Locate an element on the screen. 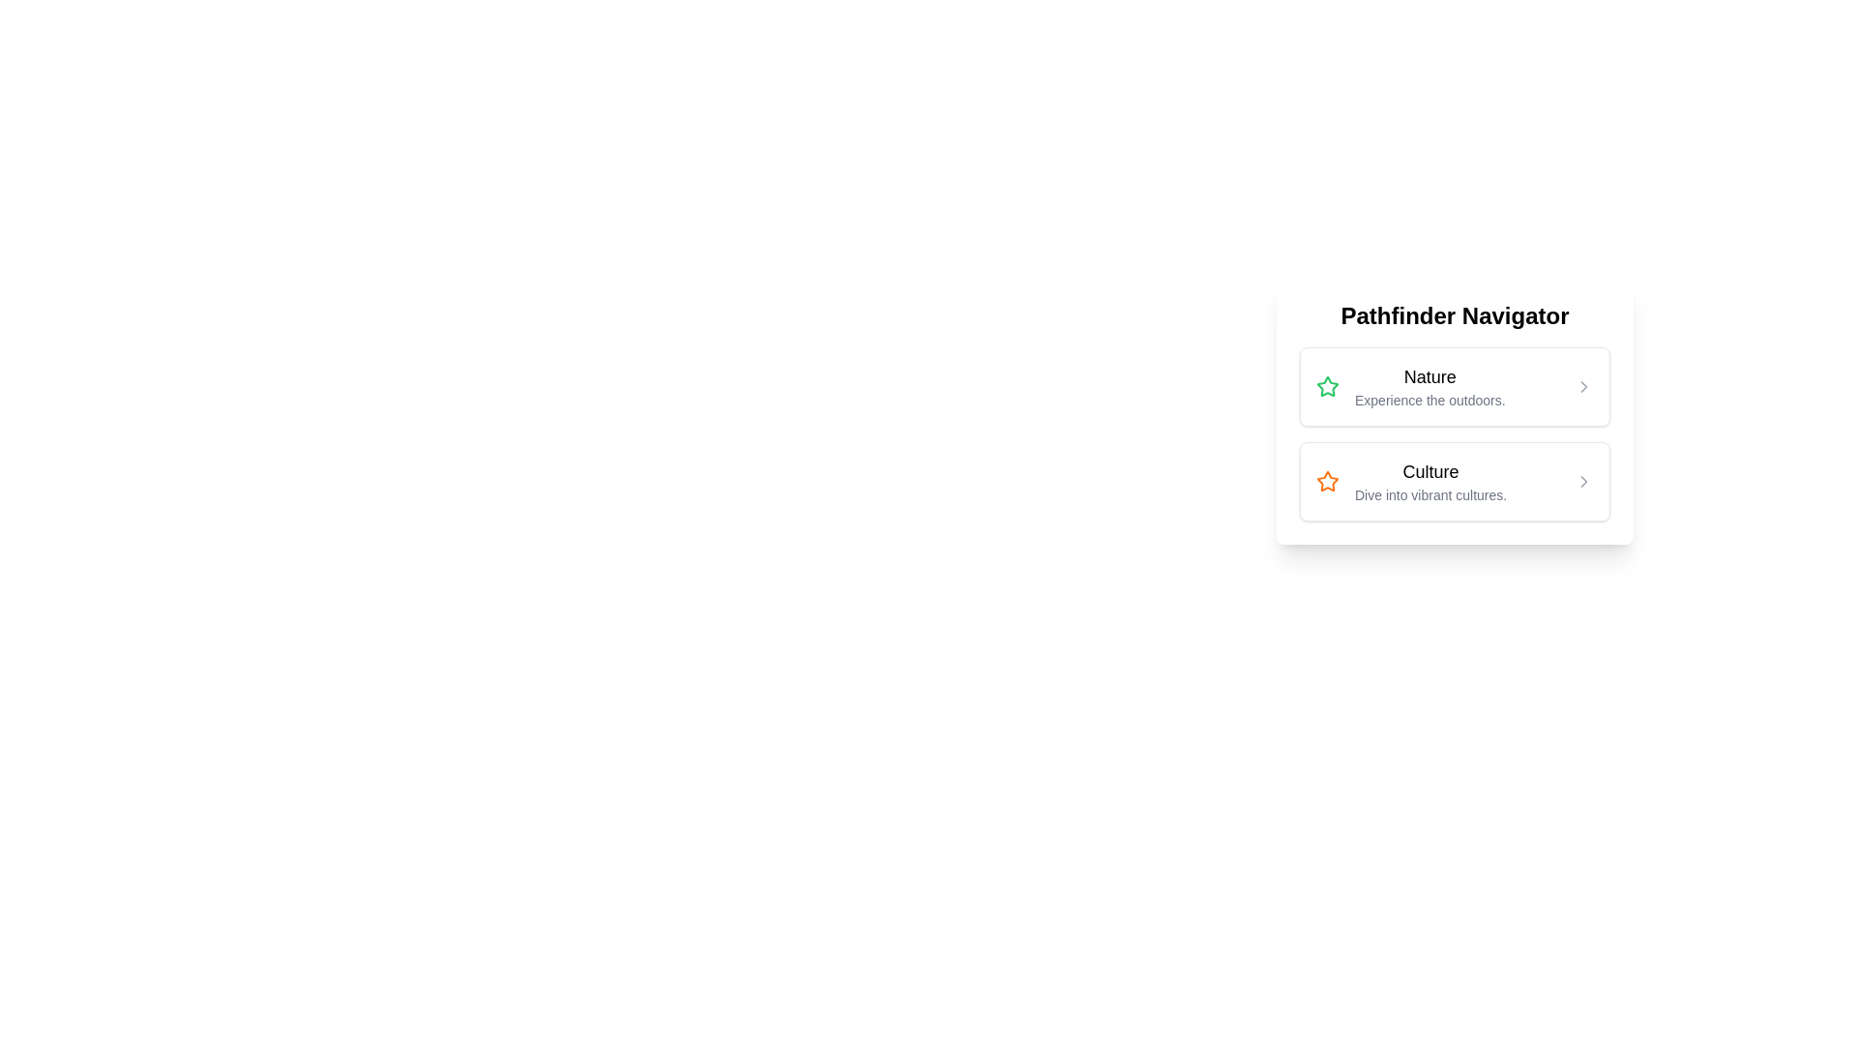 Image resolution: width=1857 pixels, height=1045 pixels. the 'Culture' card item, which is the second item in a vertical list of cards is located at coordinates (1455, 480).